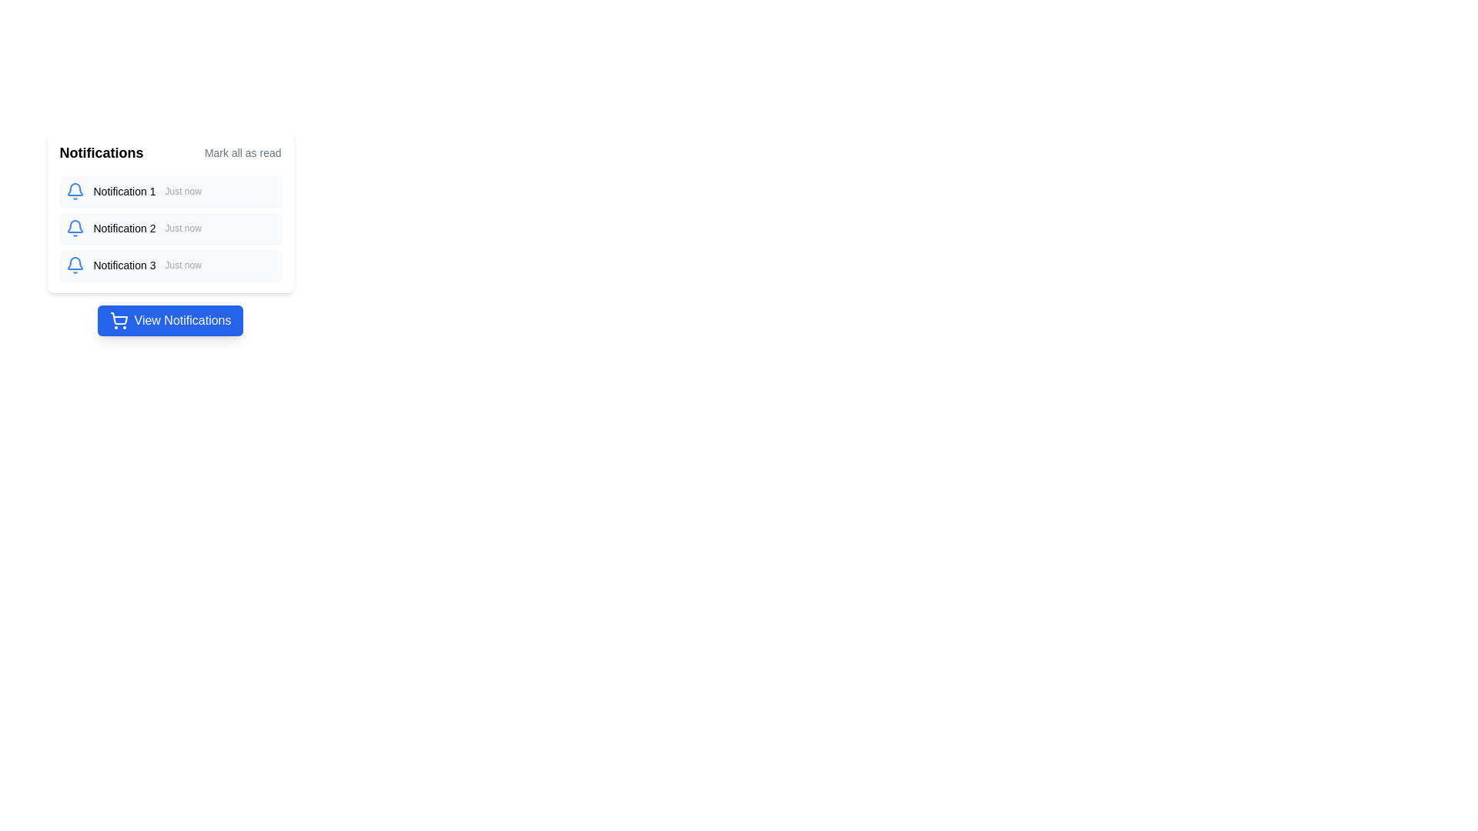  What do you see at coordinates (170, 229) in the screenshot?
I see `the second notification item` at bounding box center [170, 229].